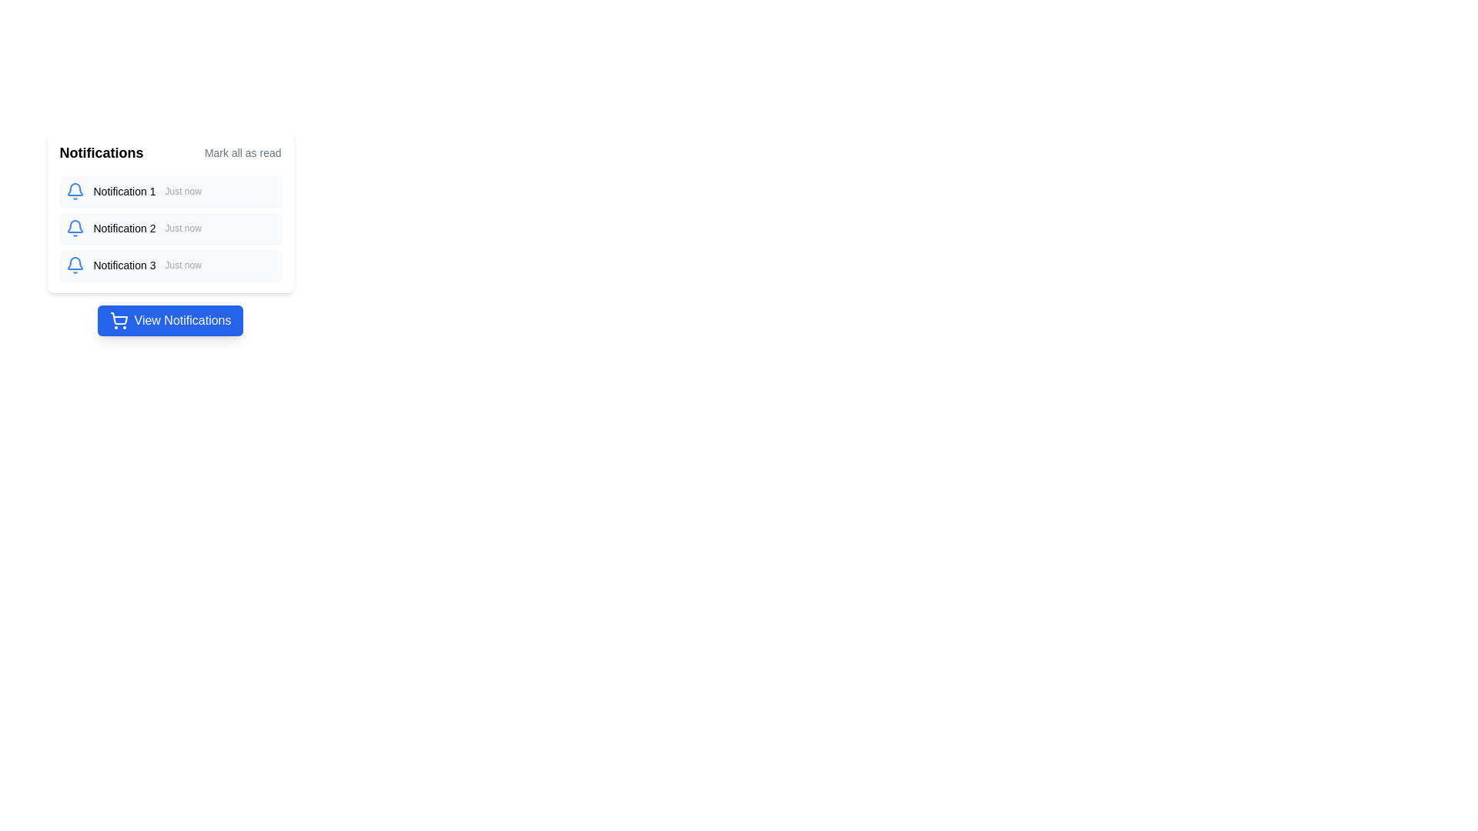  What do you see at coordinates (170, 229) in the screenshot?
I see `the second notification item` at bounding box center [170, 229].